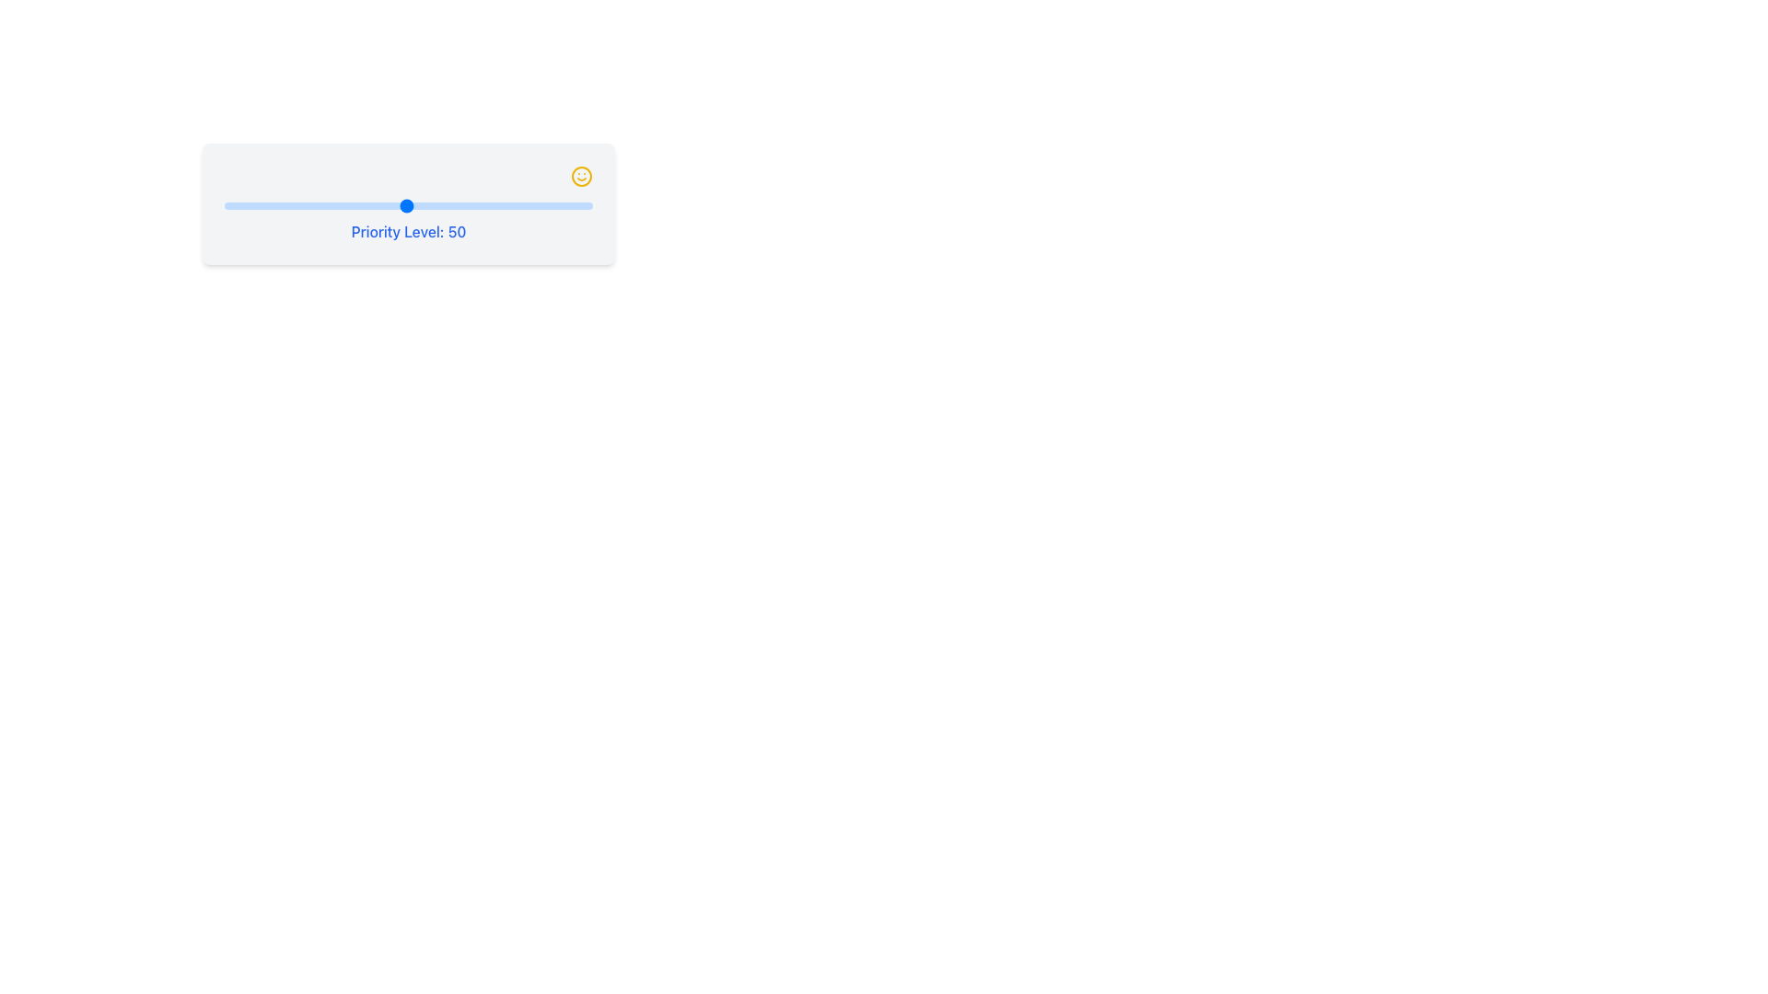 Image resolution: width=1768 pixels, height=994 pixels. I want to click on priority level, so click(484, 205).